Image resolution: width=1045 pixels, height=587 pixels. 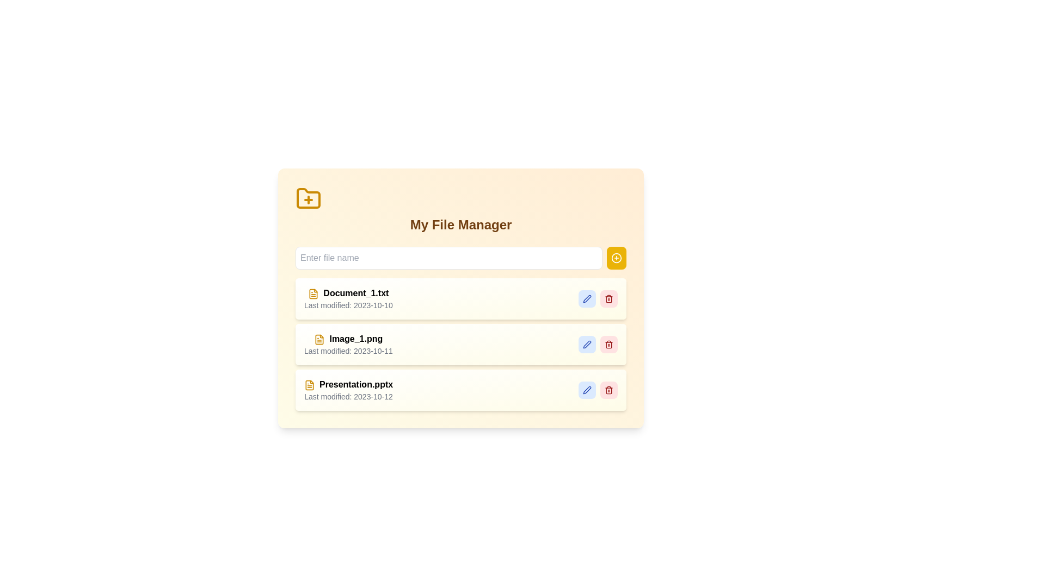 What do you see at coordinates (348, 389) in the screenshot?
I see `the file entry labeled 'Presentation.pptx'` at bounding box center [348, 389].